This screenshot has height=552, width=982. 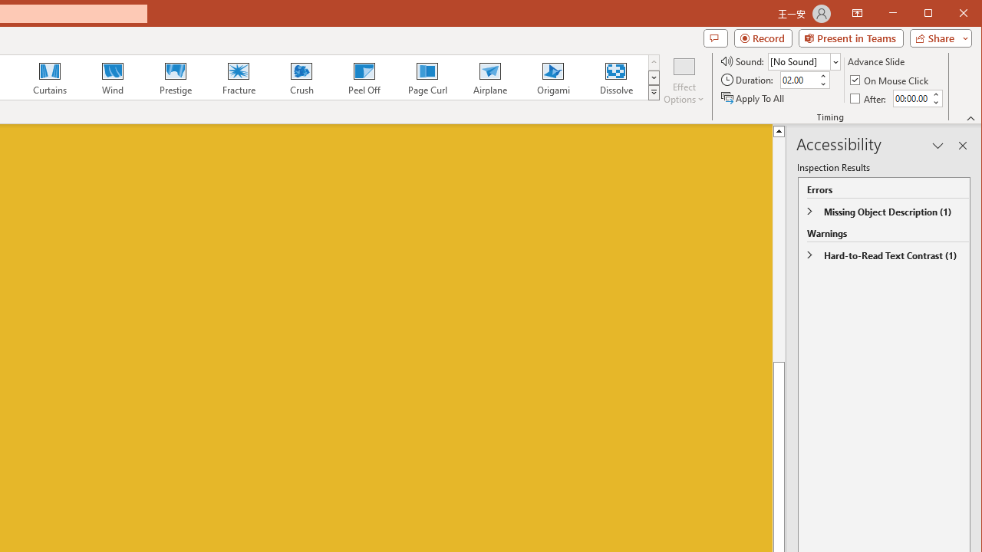 I want to click on 'After', so click(x=869, y=98).